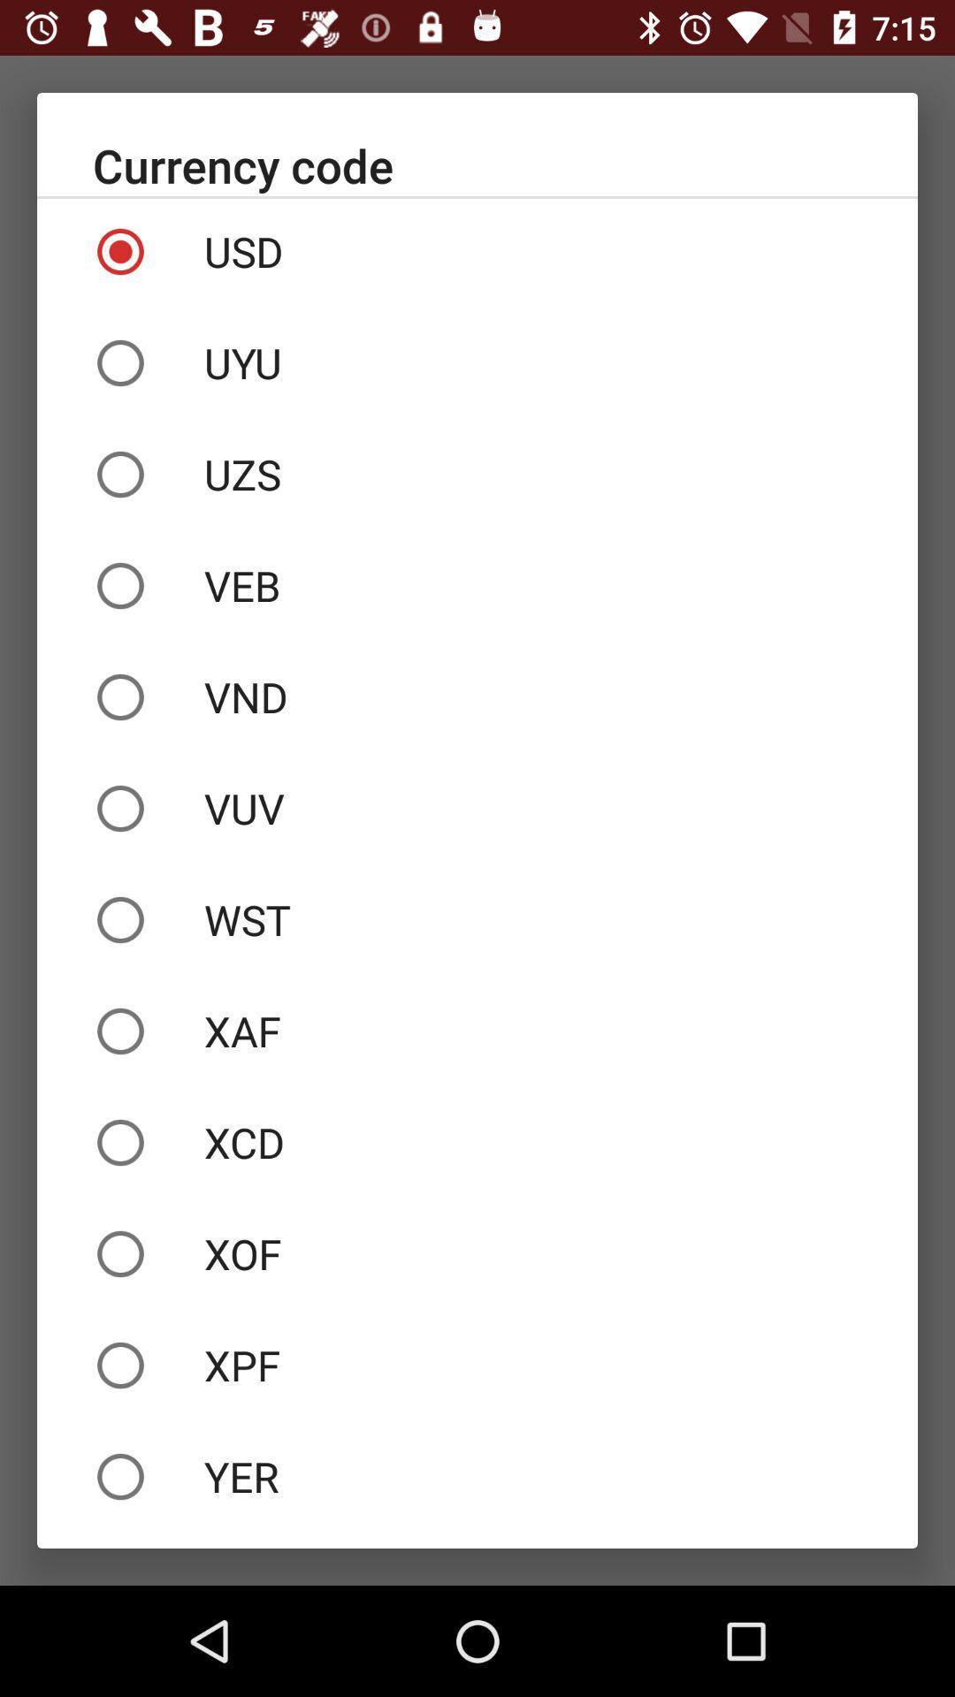 The height and width of the screenshot is (1697, 955). What do you see at coordinates (477, 362) in the screenshot?
I see `uyu icon` at bounding box center [477, 362].